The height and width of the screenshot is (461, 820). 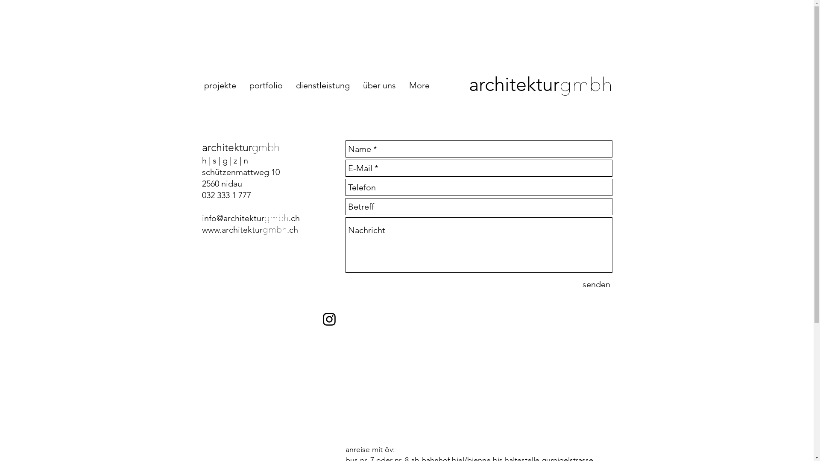 I want to click on 'www.architektur', so click(x=231, y=229).